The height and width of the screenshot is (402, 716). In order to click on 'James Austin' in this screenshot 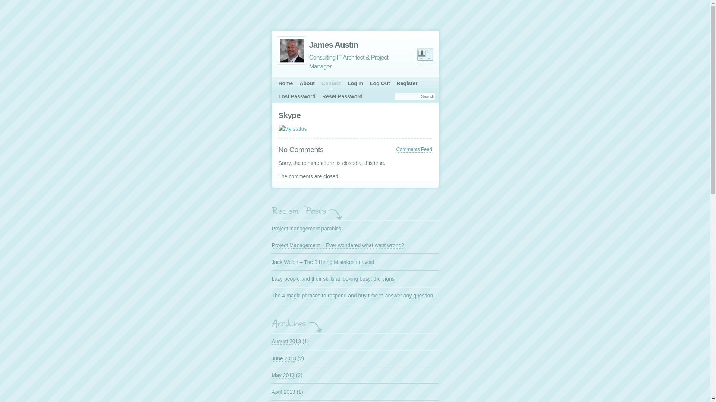, I will do `click(343, 45)`.